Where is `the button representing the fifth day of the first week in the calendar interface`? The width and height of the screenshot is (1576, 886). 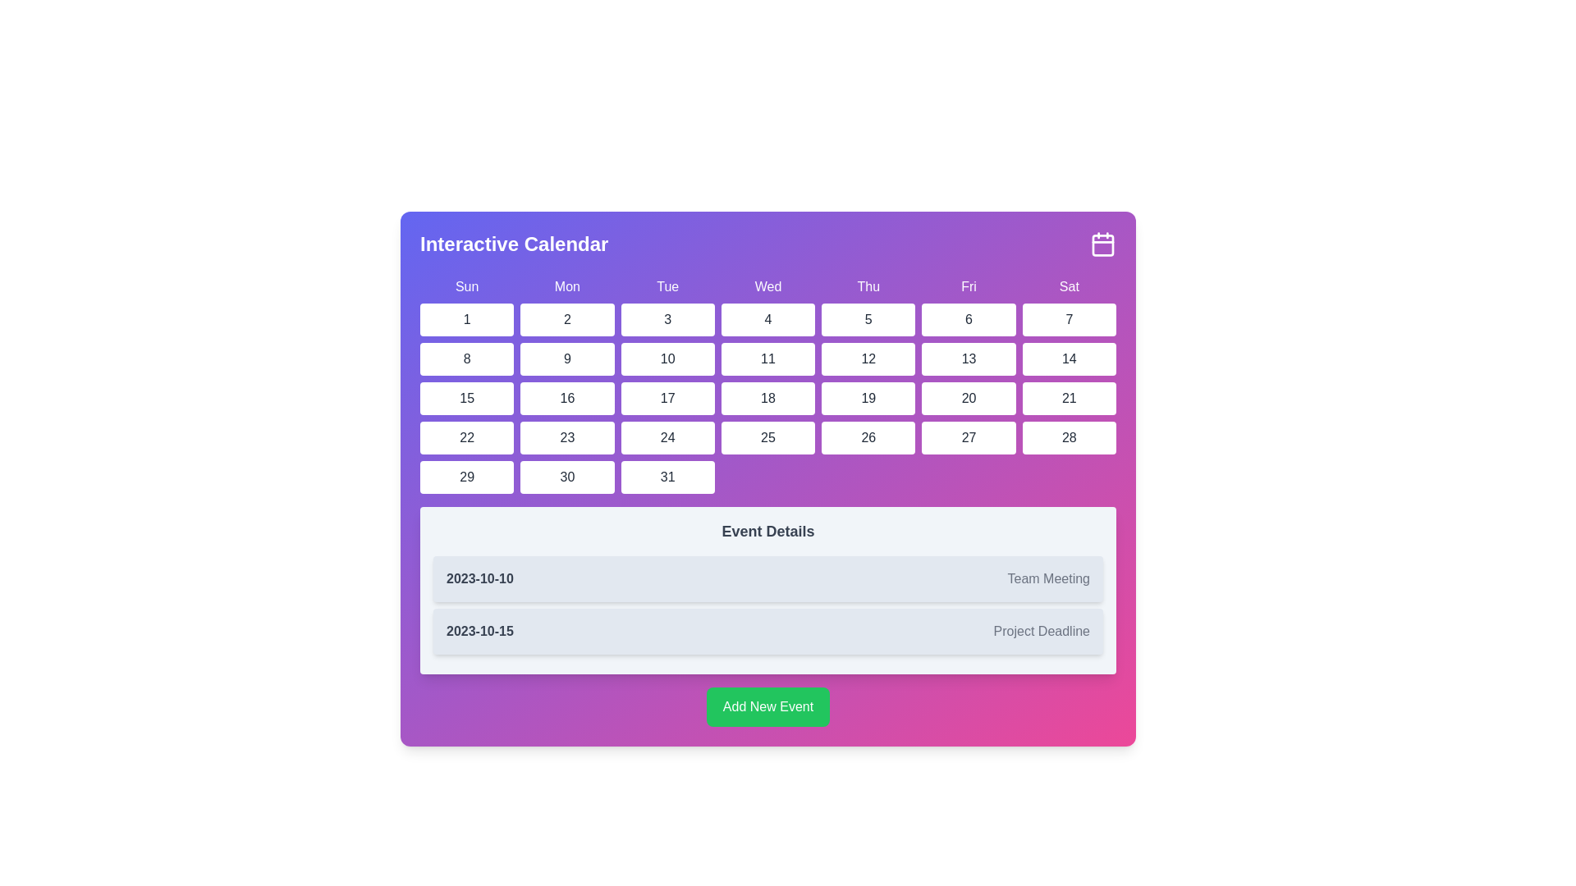
the button representing the fifth day of the first week in the calendar interface is located at coordinates (868, 319).